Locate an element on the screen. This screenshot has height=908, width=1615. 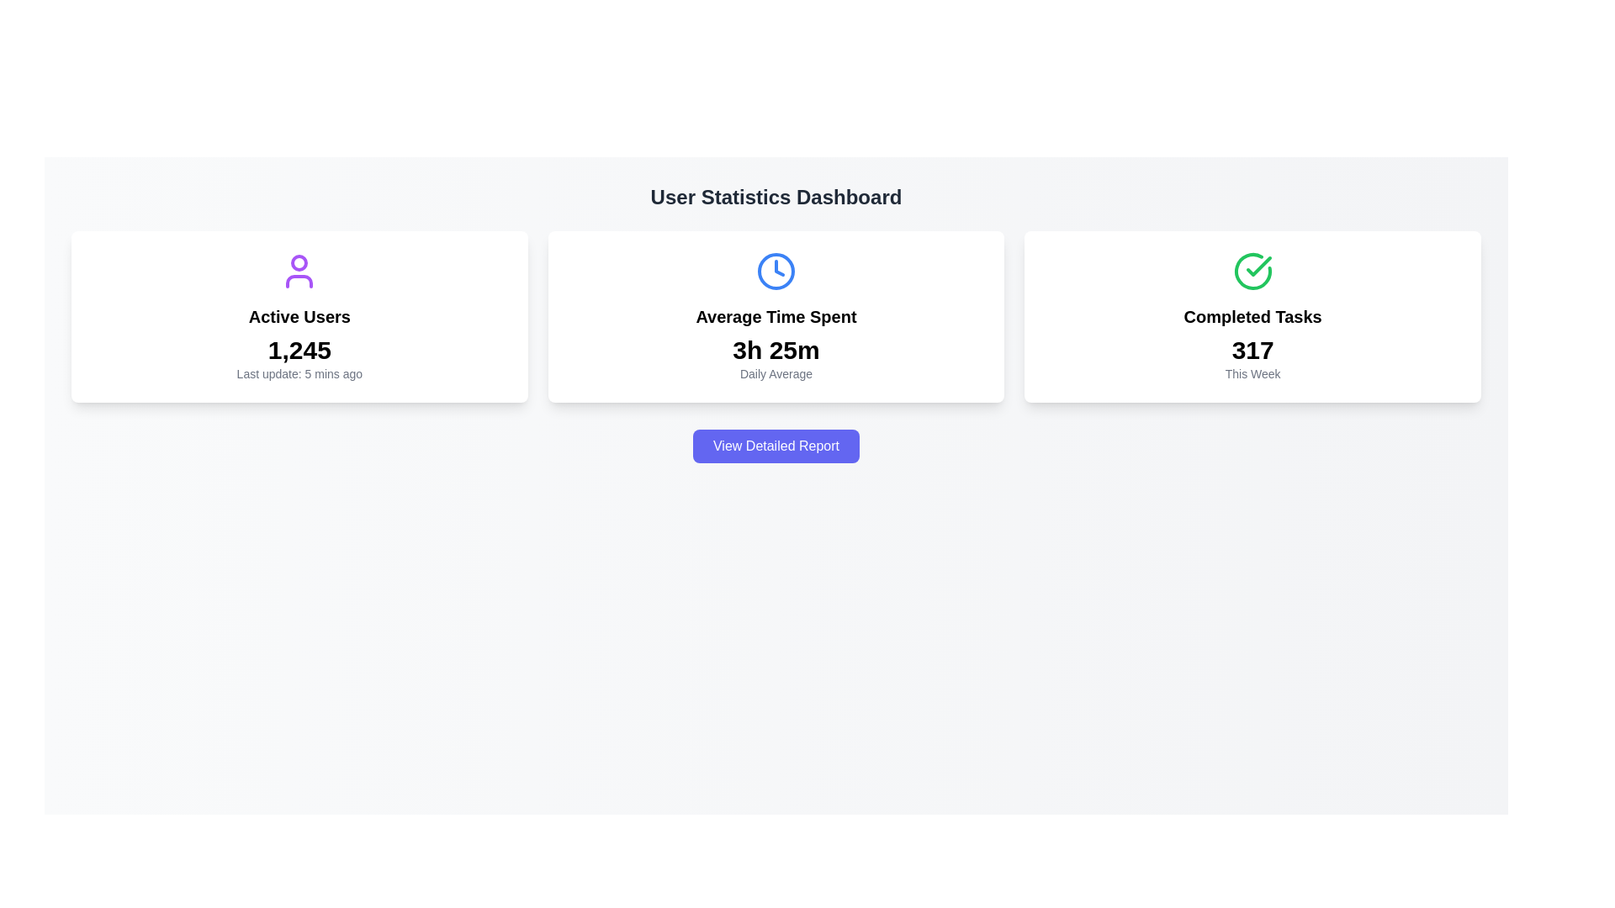
the text label indicating the category of completed tasks, which is located in the rightmost card above the numeric value '317' and below the checkmark icon is located at coordinates (1252, 317).